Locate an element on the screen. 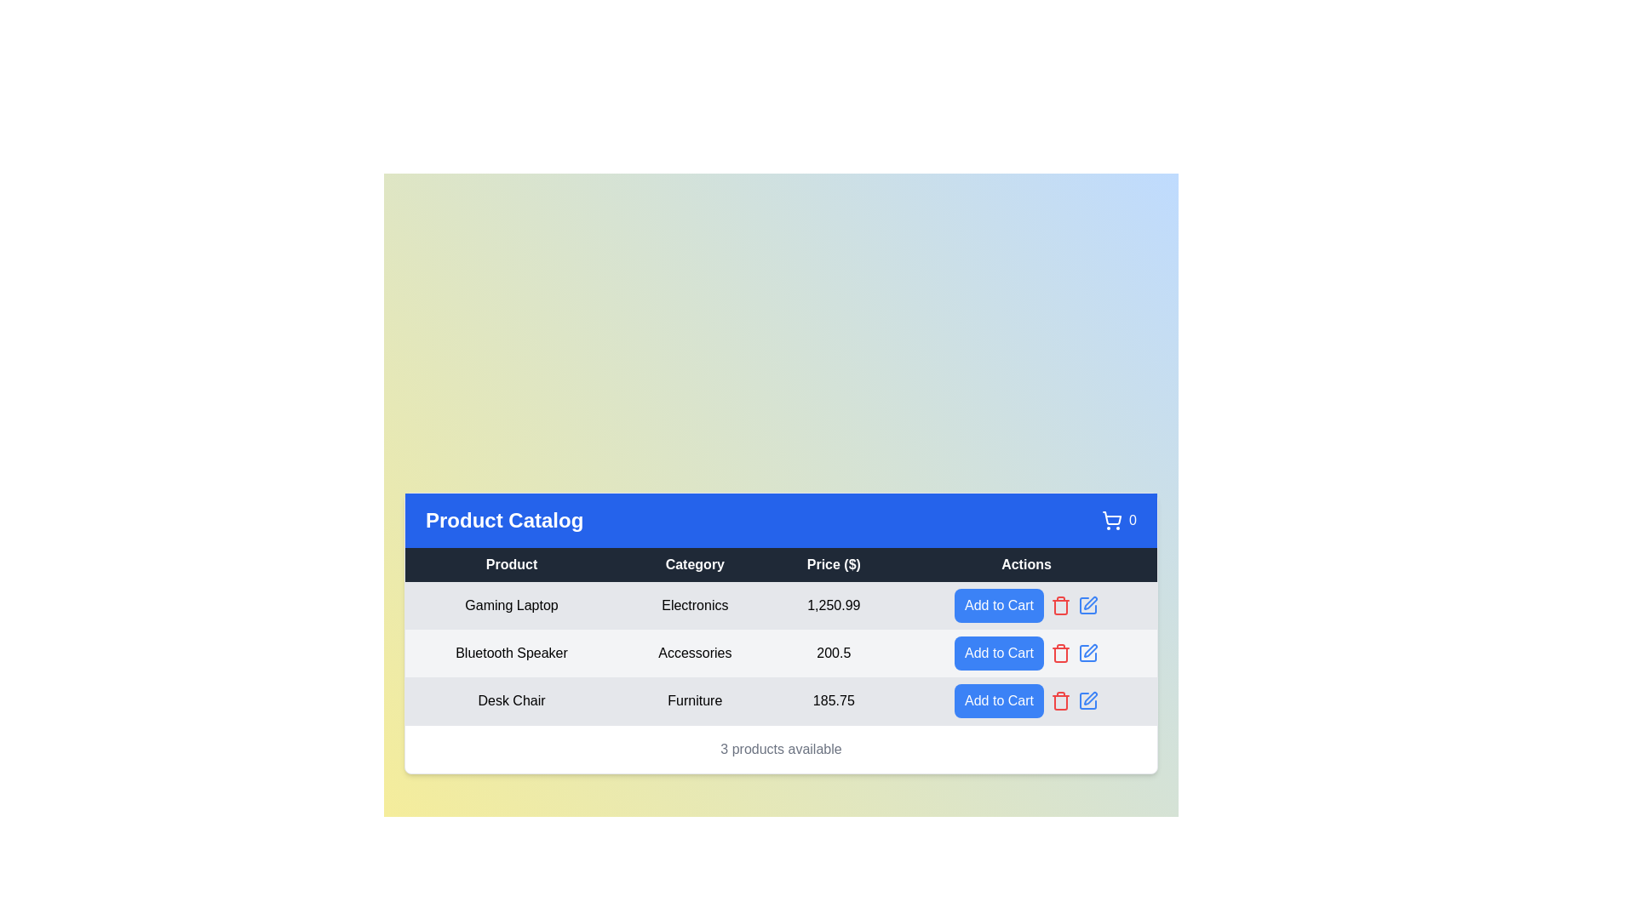 This screenshot has height=919, width=1635. the trash icon located in the 'Actions' column of the table, specifically aligned to the third row corresponding to the 'Desk Chair' product entry, to initiate a delete action is located at coordinates (1059, 606).